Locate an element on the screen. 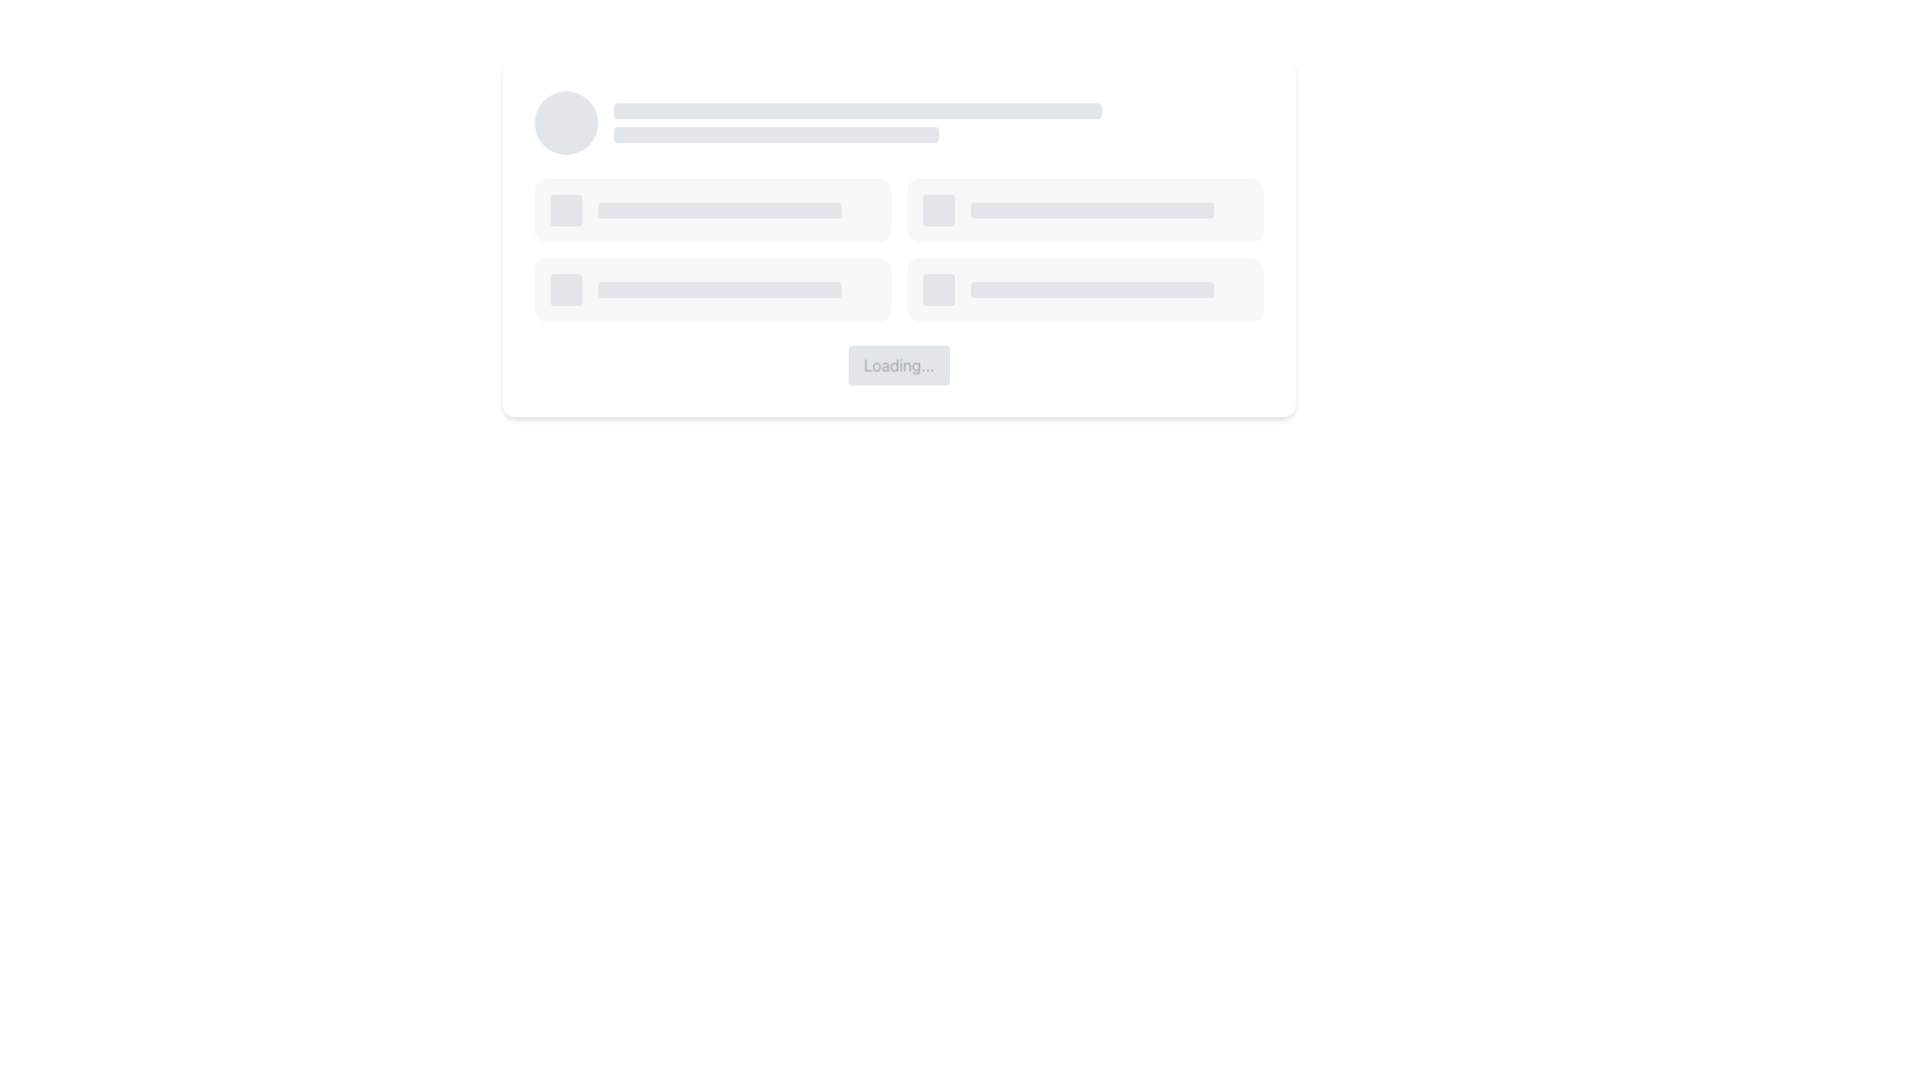 This screenshot has width=1908, height=1073. the loading animation of the button-like loading indicator that displays 'Loading...' at its center, located at the bottom center of the card-like structure is located at coordinates (898, 236).